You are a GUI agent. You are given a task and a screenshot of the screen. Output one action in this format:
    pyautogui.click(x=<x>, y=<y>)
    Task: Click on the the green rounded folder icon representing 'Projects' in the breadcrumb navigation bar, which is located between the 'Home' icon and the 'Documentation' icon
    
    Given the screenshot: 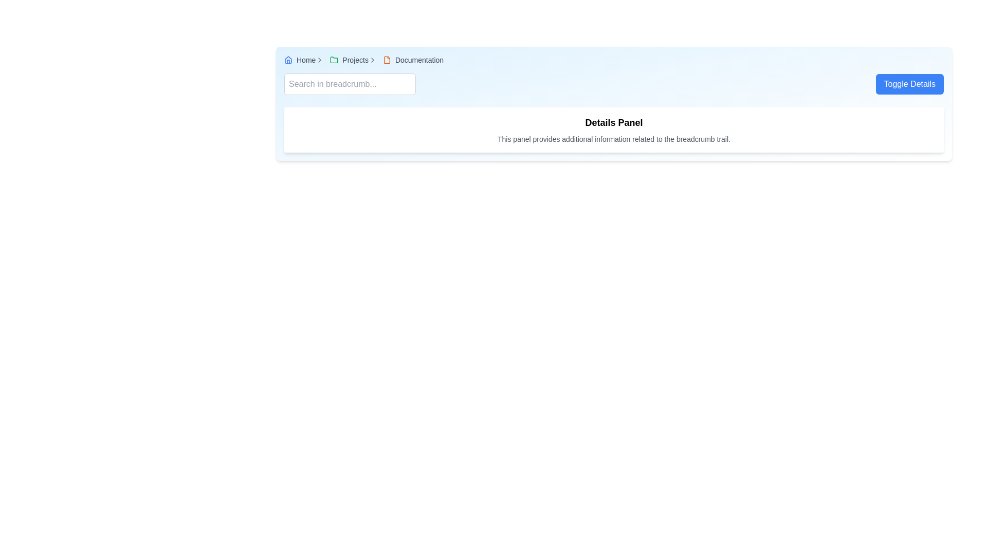 What is the action you would take?
    pyautogui.click(x=334, y=60)
    